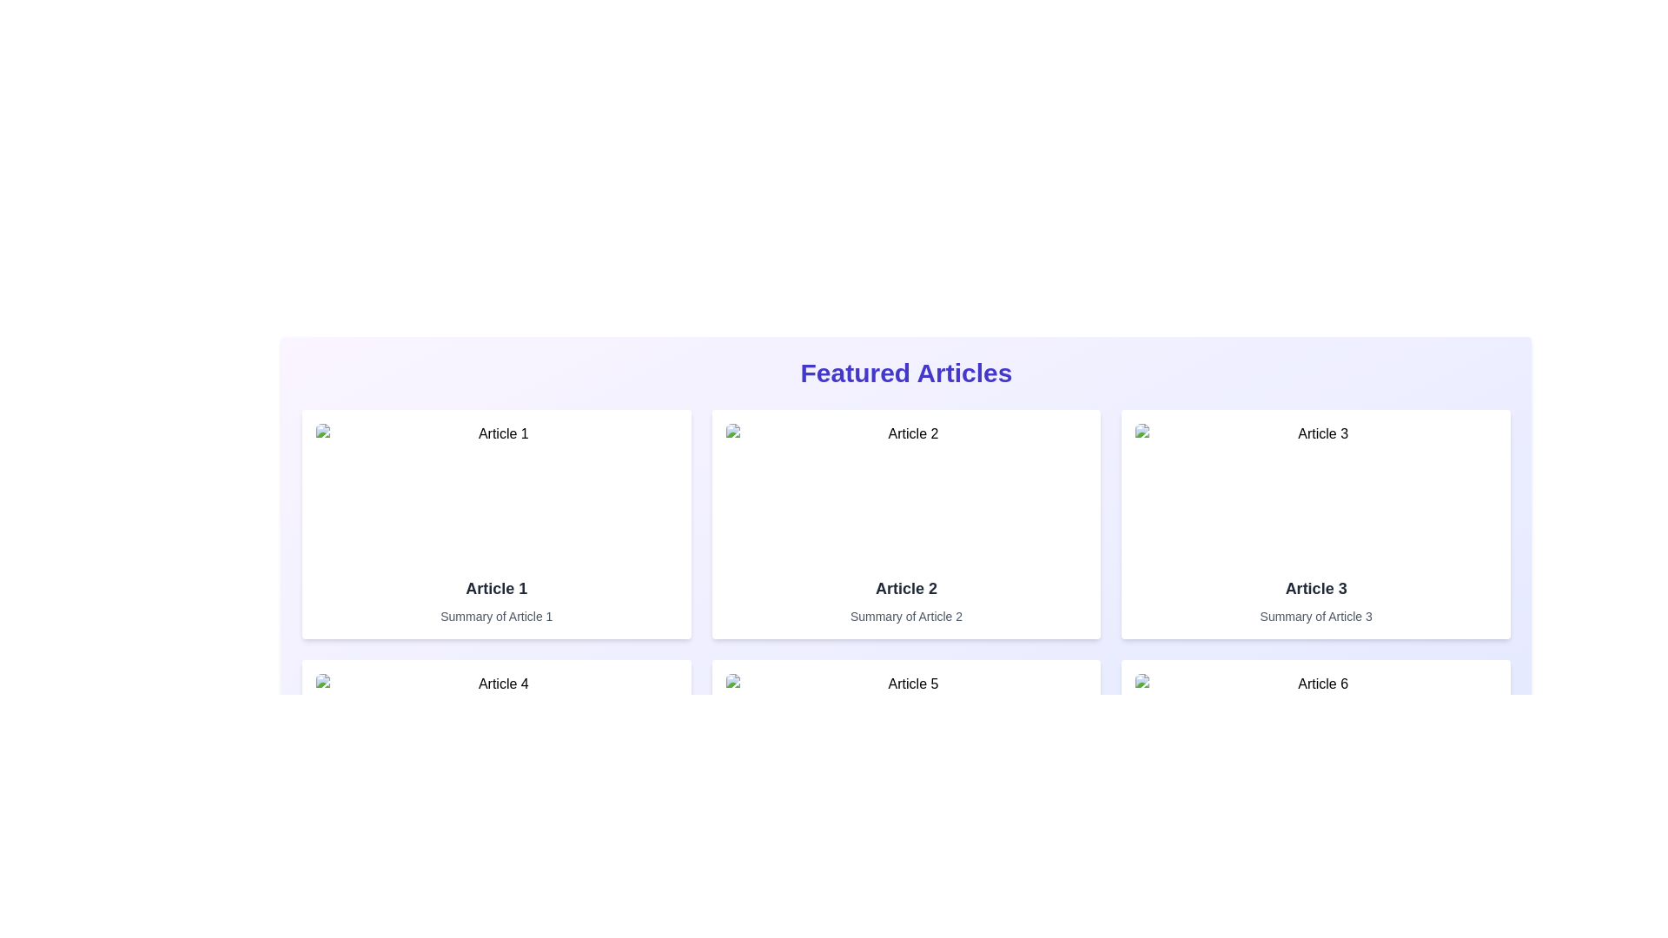 This screenshot has width=1668, height=938. I want to click on the arrow icon used for navigation to the next item, located towards the lower-right edge of the interface, so click(1487, 927).